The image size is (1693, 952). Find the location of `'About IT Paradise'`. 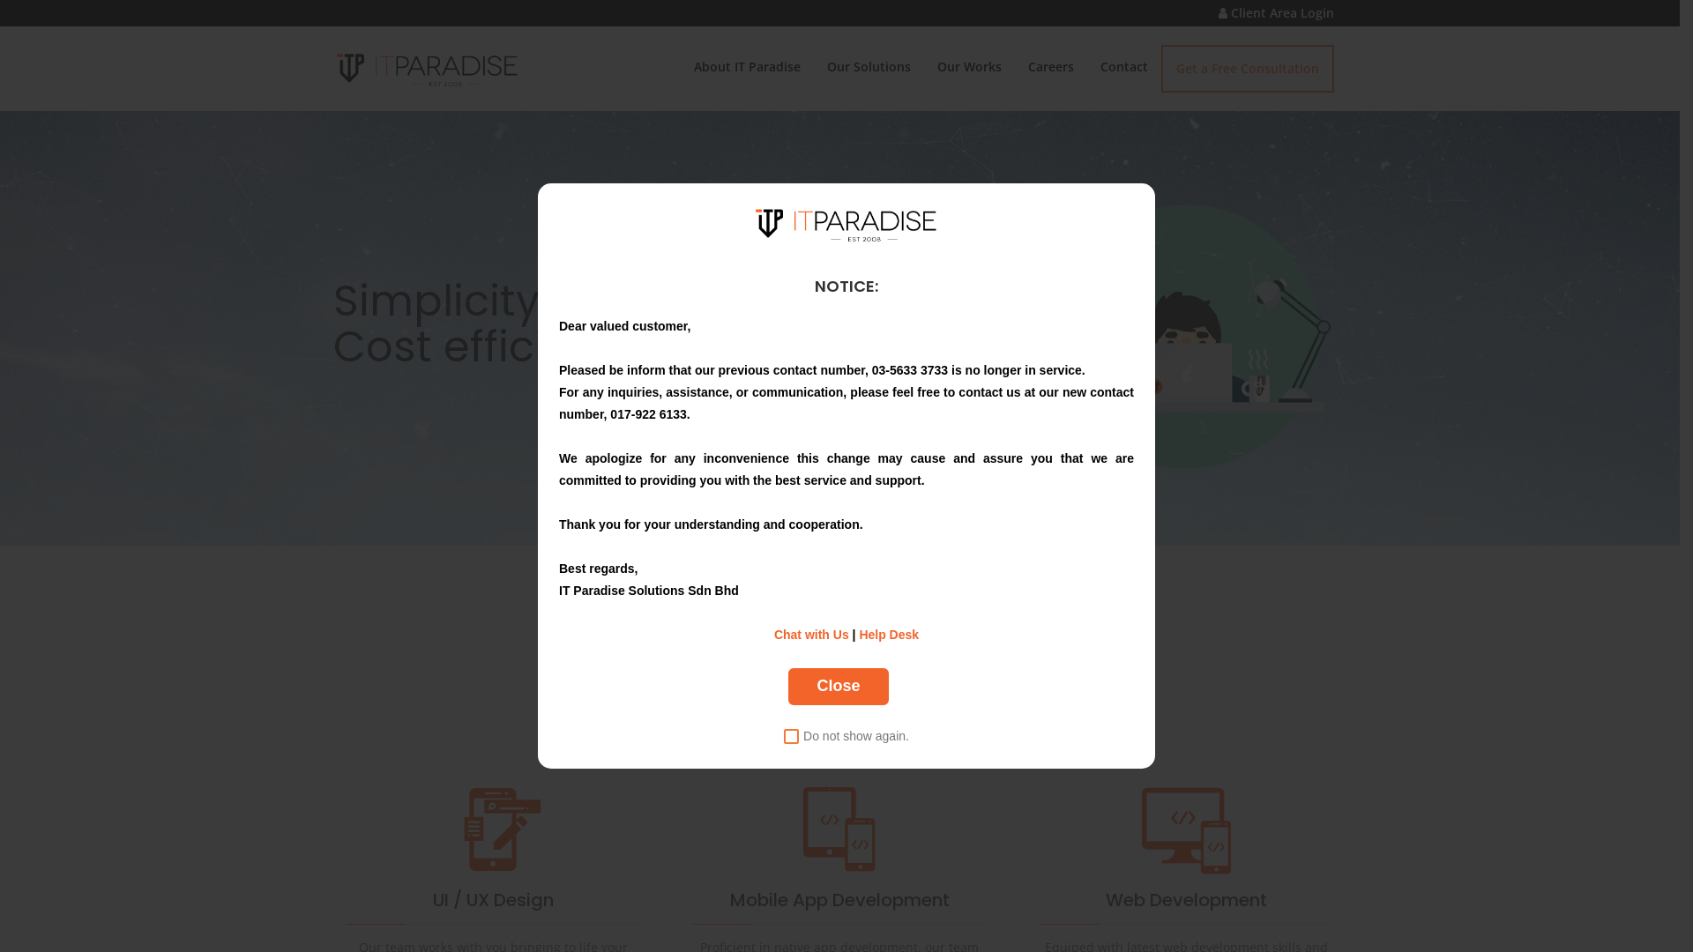

'About IT Paradise' is located at coordinates (747, 66).